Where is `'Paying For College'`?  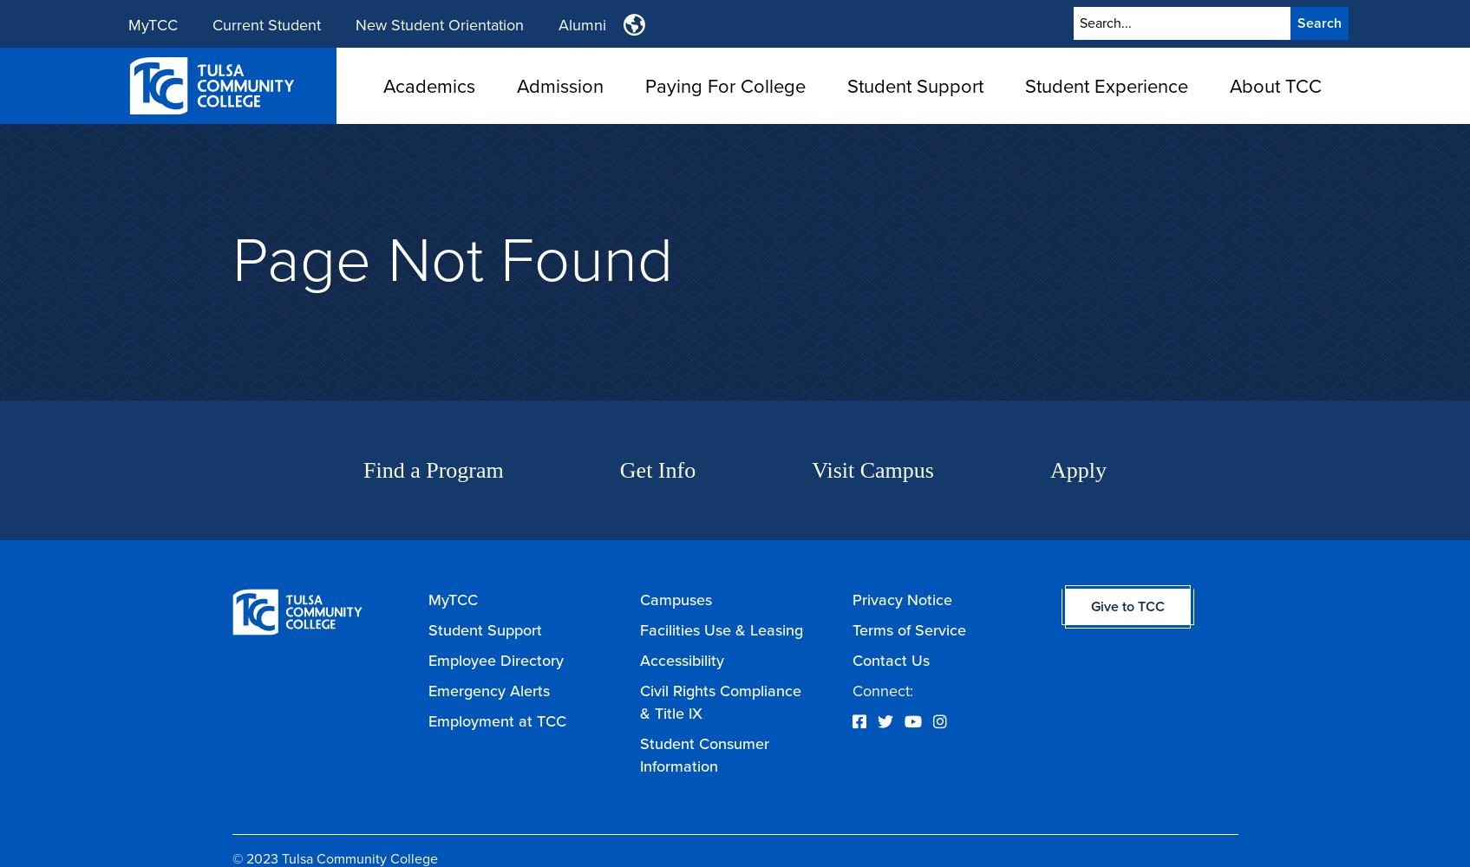
'Paying For College' is located at coordinates (724, 84).